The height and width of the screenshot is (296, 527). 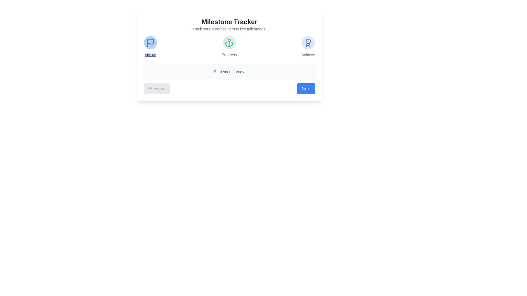 I want to click on the milestone icon for Progress, so click(x=229, y=42).